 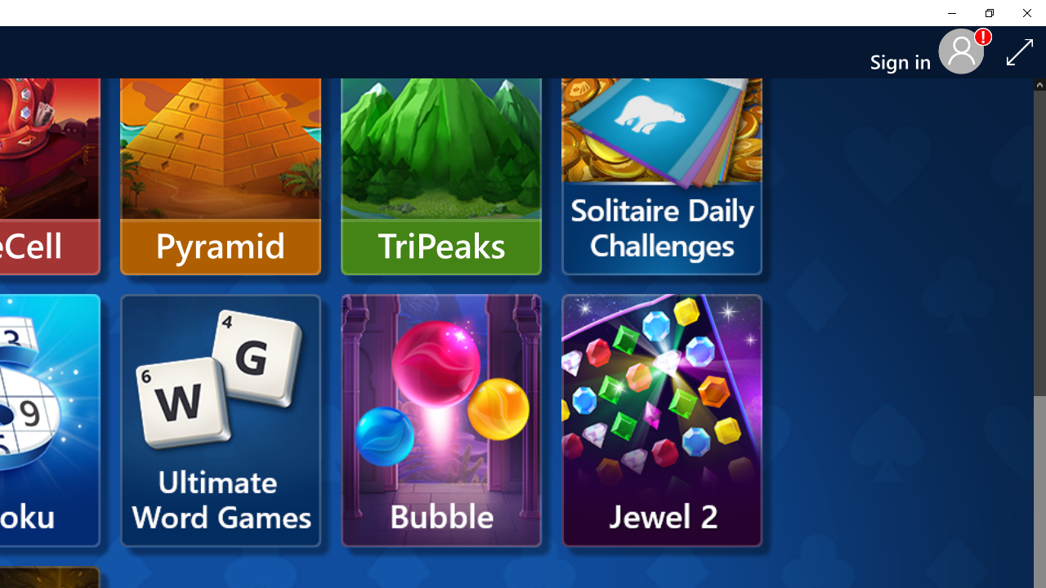 I want to click on 'Microsoft Bubble', so click(x=441, y=420).